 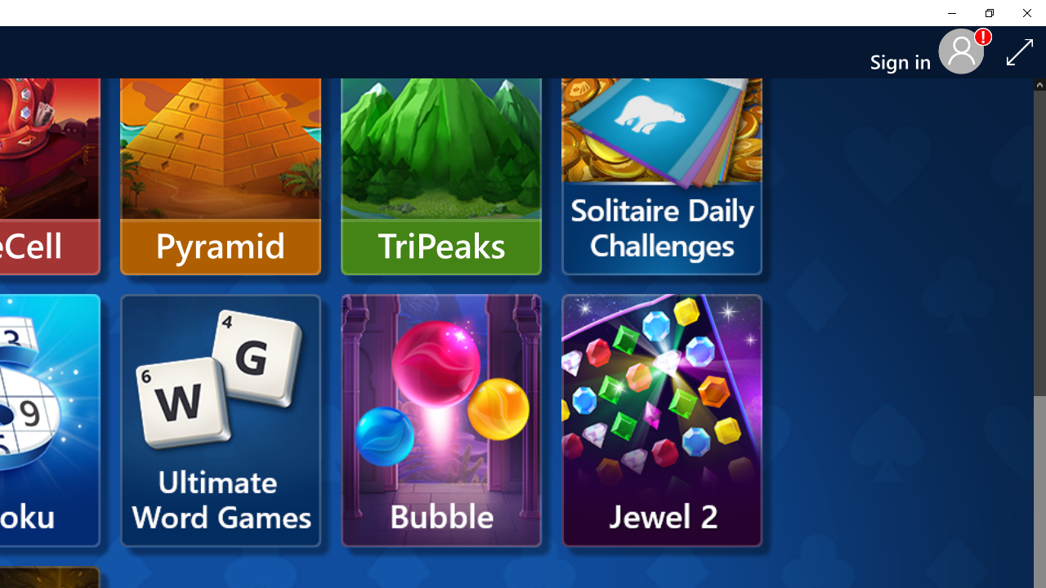 I want to click on 'Microsoft Bubble', so click(x=441, y=420).